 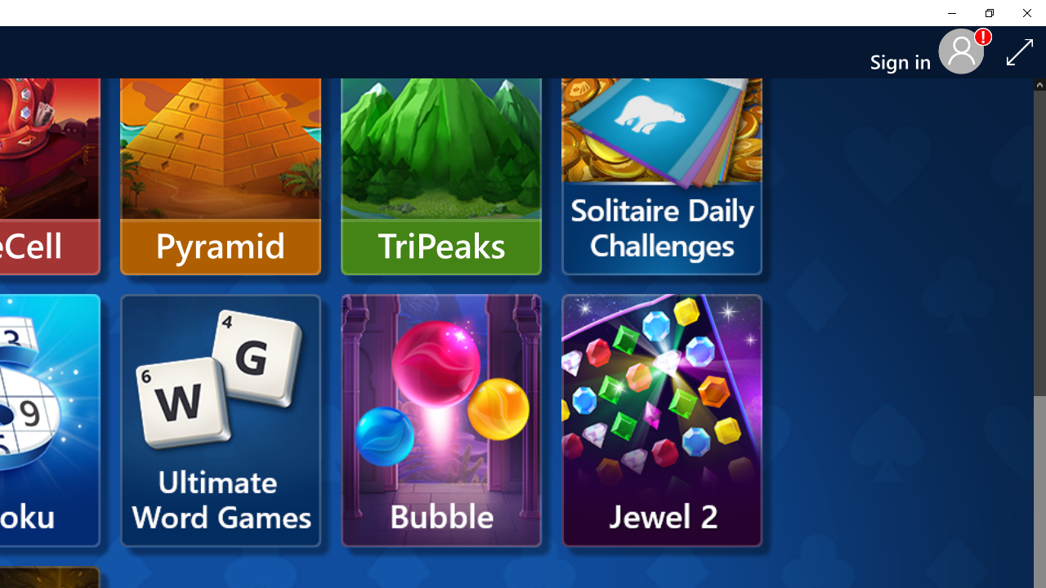 I want to click on 'Microsoft Bubble', so click(x=441, y=420).